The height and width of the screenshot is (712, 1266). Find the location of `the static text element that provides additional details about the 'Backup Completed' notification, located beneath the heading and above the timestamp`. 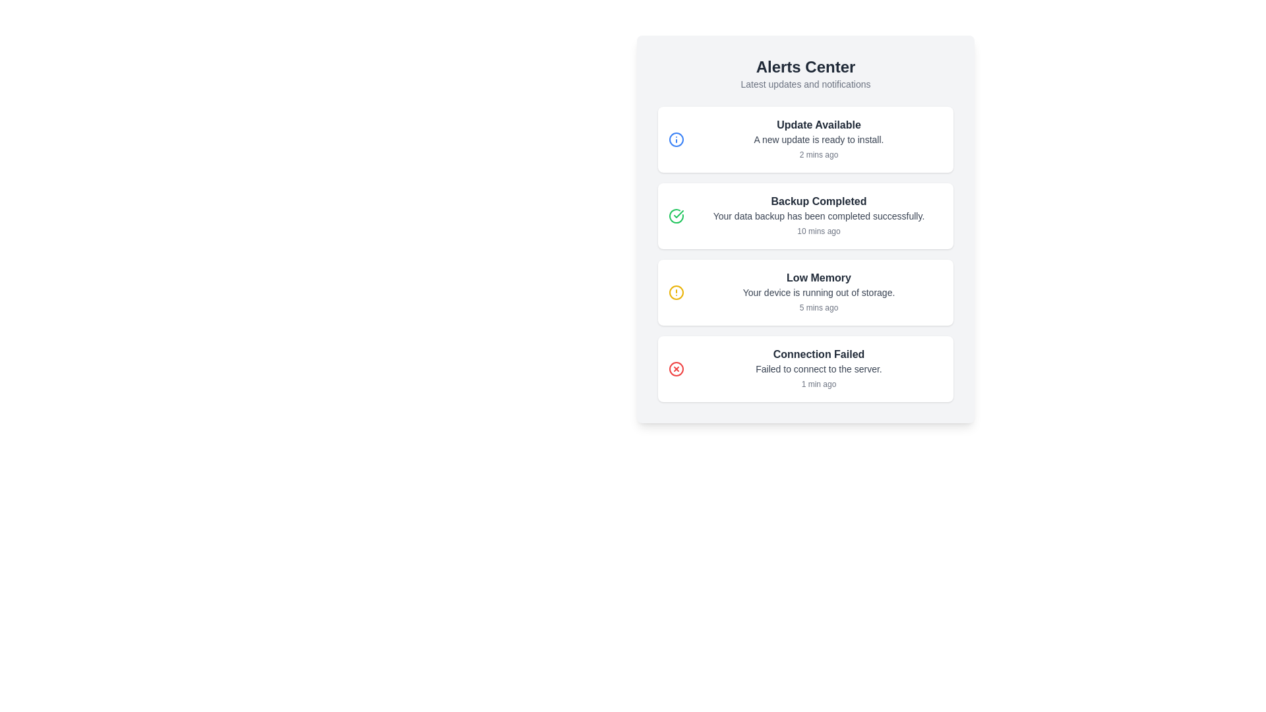

the static text element that provides additional details about the 'Backup Completed' notification, located beneath the heading and above the timestamp is located at coordinates (818, 215).